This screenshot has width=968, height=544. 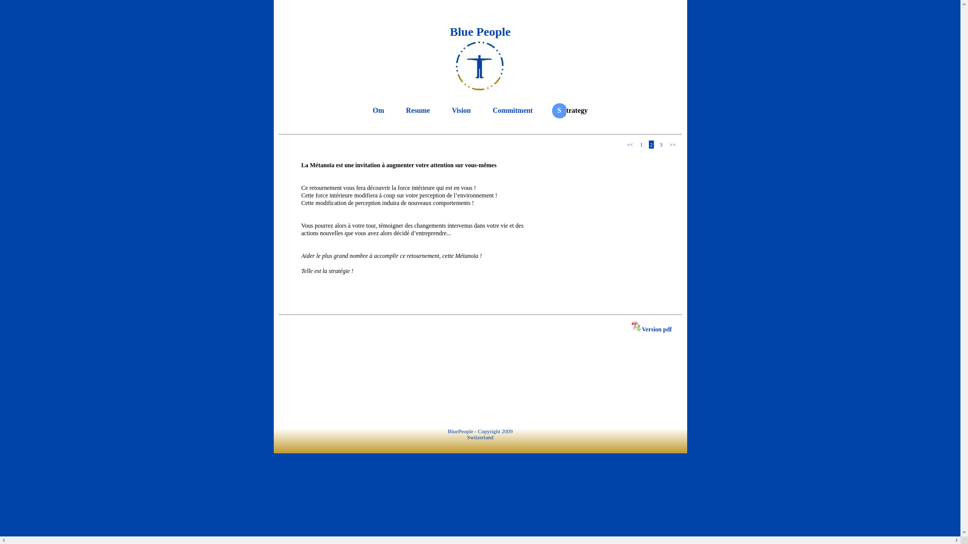 What do you see at coordinates (661, 144) in the screenshot?
I see `'3'` at bounding box center [661, 144].